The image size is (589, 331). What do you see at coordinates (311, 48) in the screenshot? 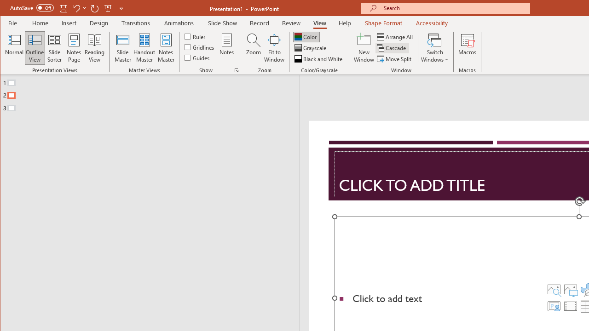
I see `'Grayscale'` at bounding box center [311, 48].